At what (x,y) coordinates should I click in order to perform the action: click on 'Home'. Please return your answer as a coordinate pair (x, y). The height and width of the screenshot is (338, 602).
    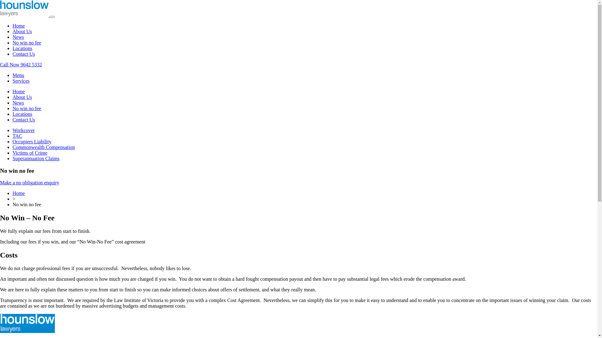
    Looking at the image, I should click on (18, 91).